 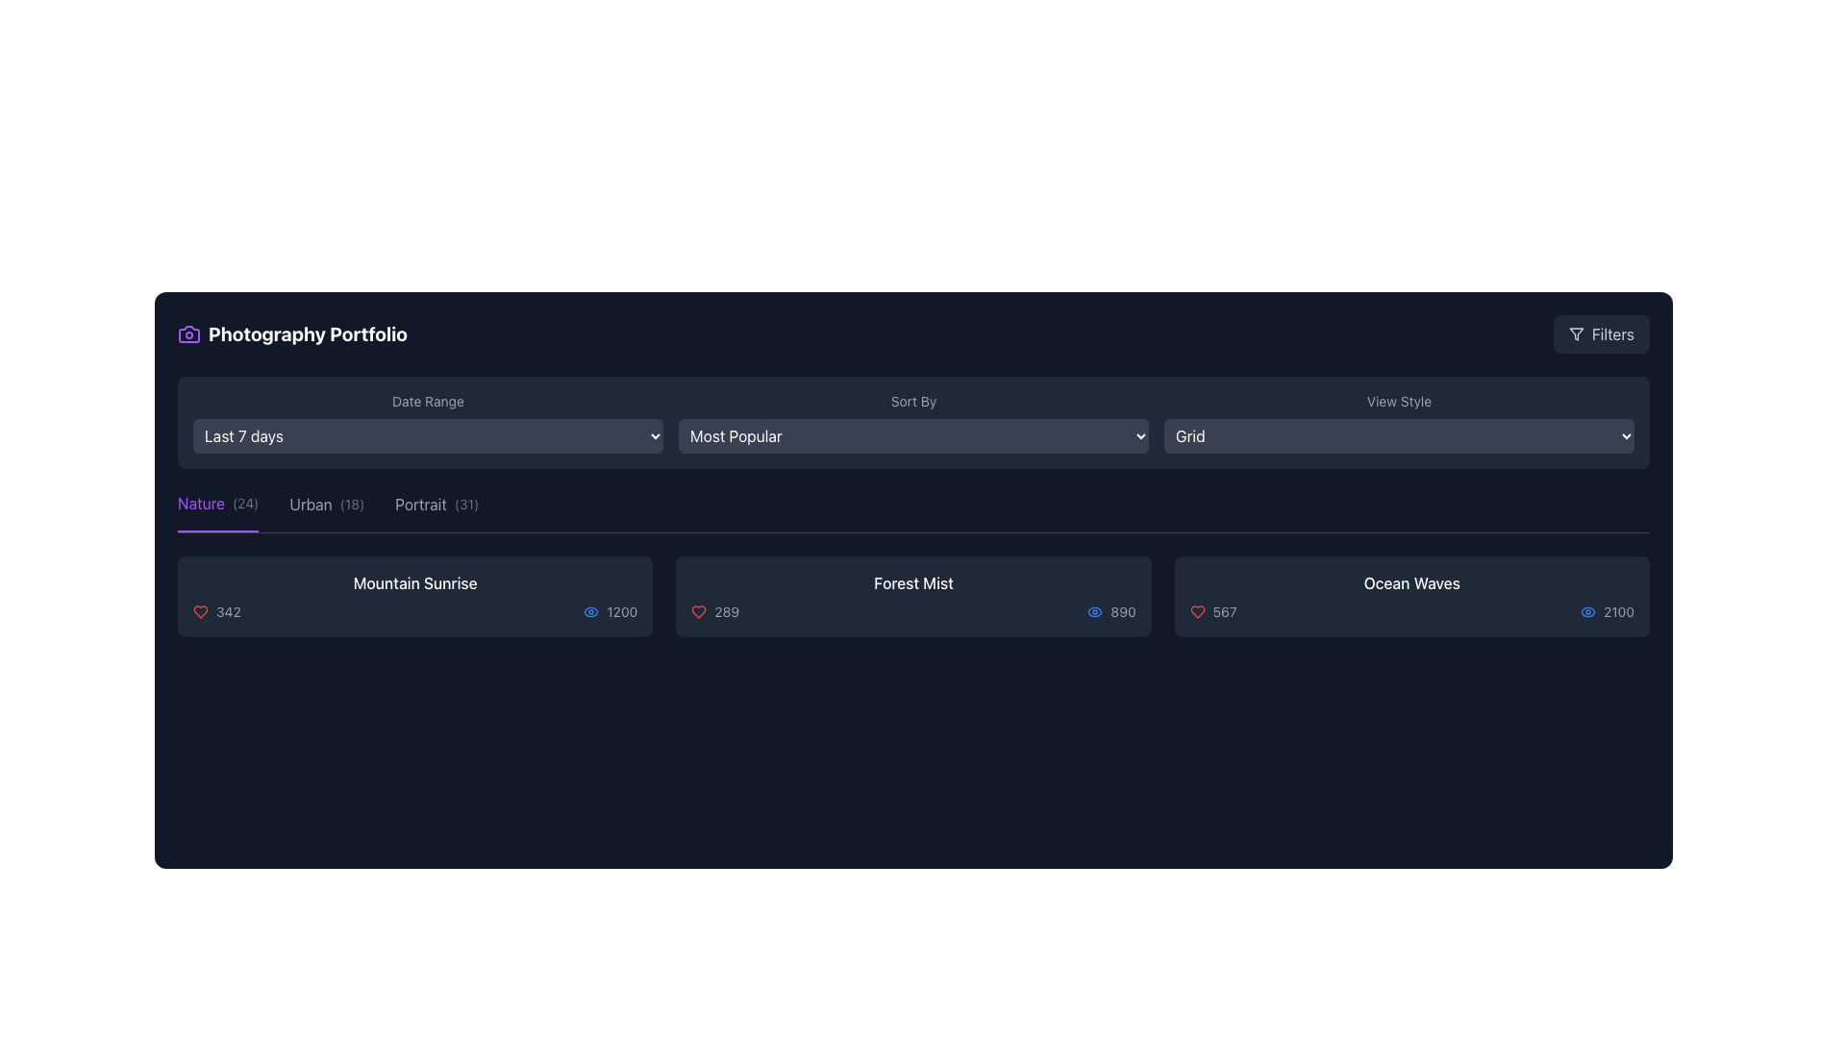 I want to click on text label that serves as the title or identifier for the last card in a horizontally aligned group of three cards located in the lower-right corner of the interface, so click(x=1411, y=581).